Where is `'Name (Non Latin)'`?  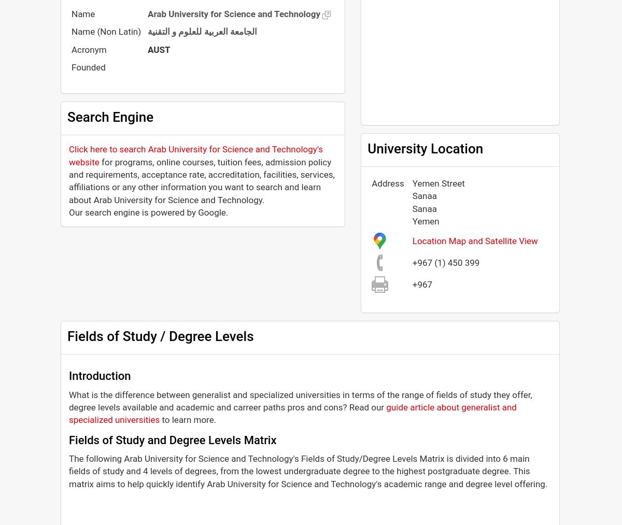
'Name (Non Latin)' is located at coordinates (72, 31).